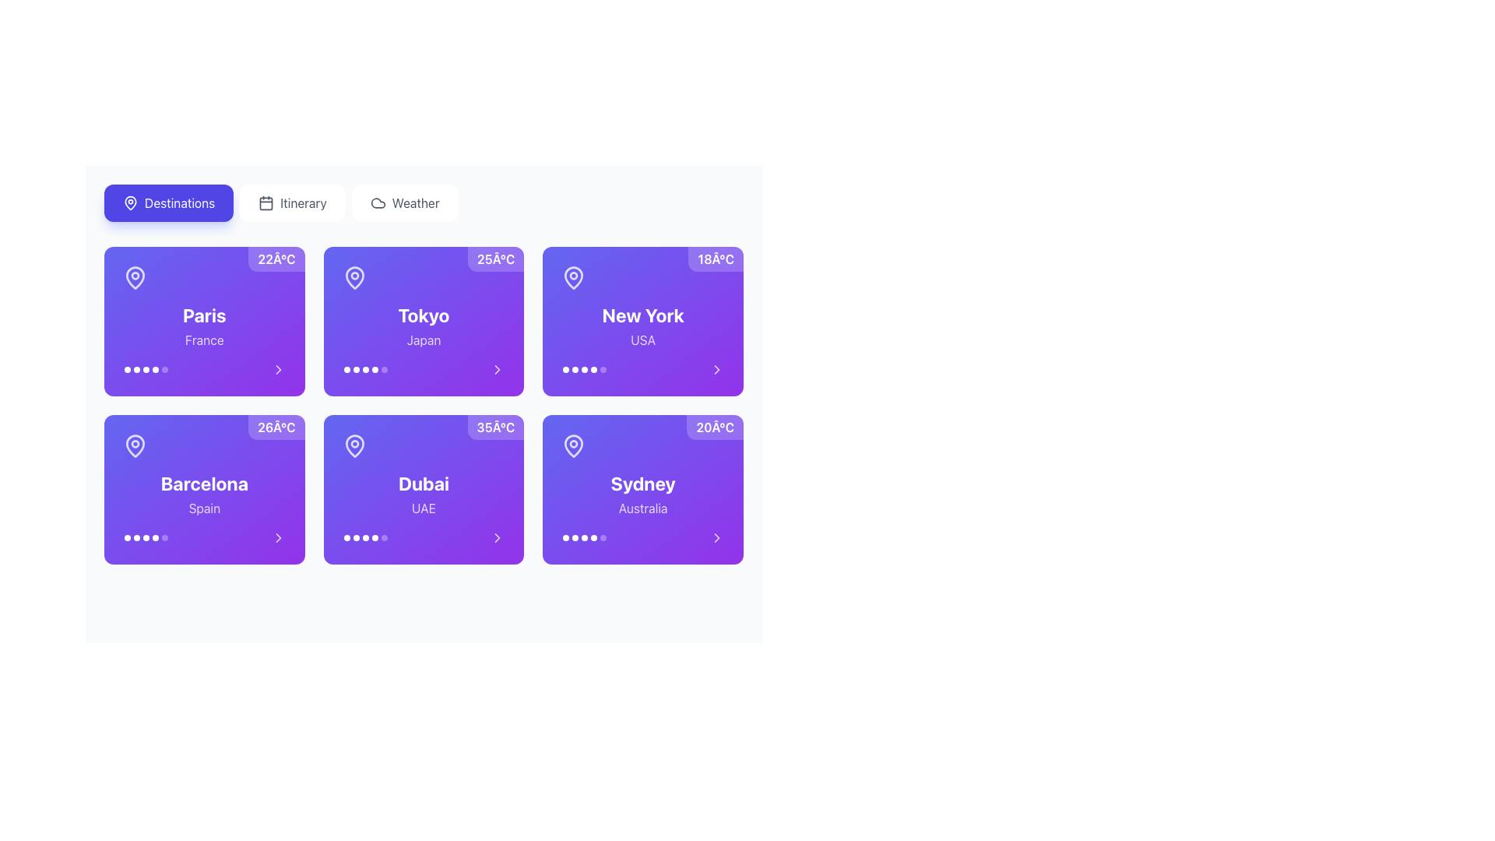  Describe the element at coordinates (494, 427) in the screenshot. I see `the temperature label located in the top-right corner of the card for 'Dubai, UAE' on the second row, fourth column of the grid layout` at that location.